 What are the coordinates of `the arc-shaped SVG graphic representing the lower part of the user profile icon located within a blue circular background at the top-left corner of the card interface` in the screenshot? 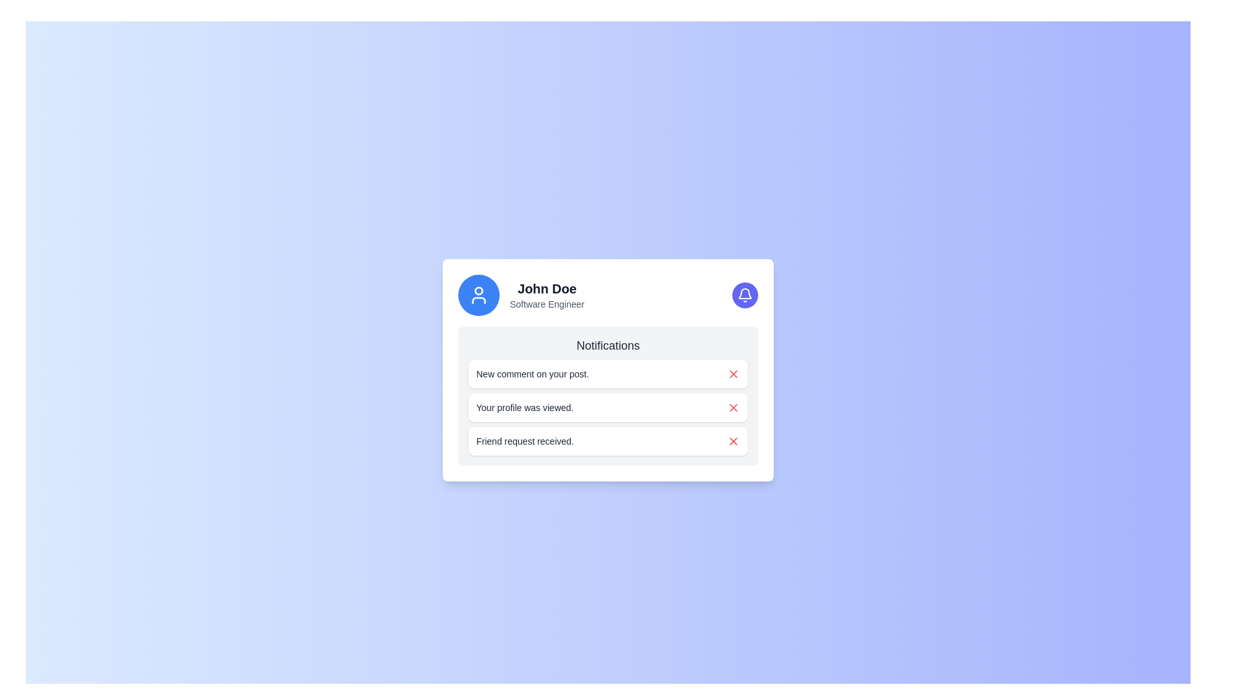 It's located at (478, 301).